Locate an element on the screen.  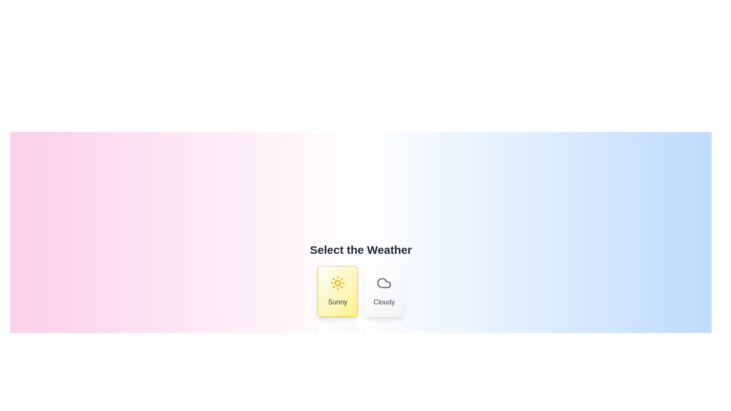
the 'Cloudy' weather option button for keyboard navigation is located at coordinates (384, 291).